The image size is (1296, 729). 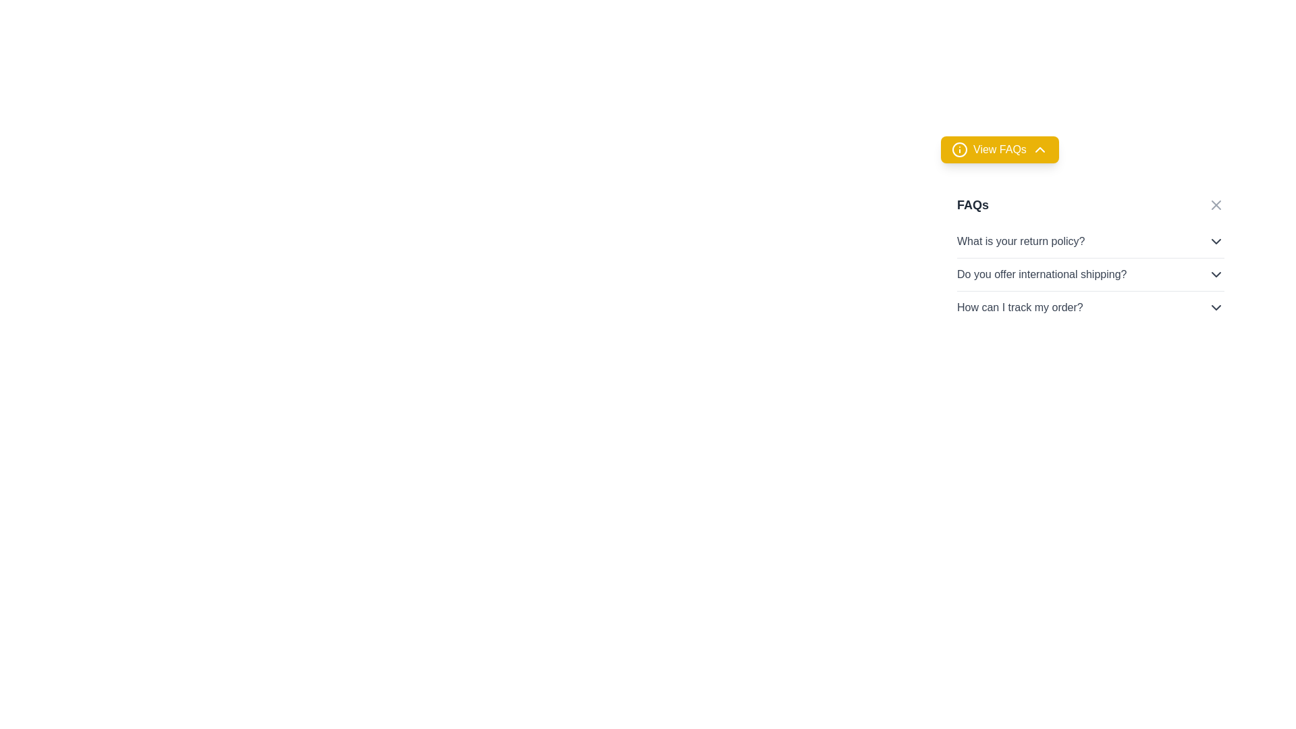 What do you see at coordinates (1216, 241) in the screenshot?
I see `the downward-facing chevron icon` at bounding box center [1216, 241].